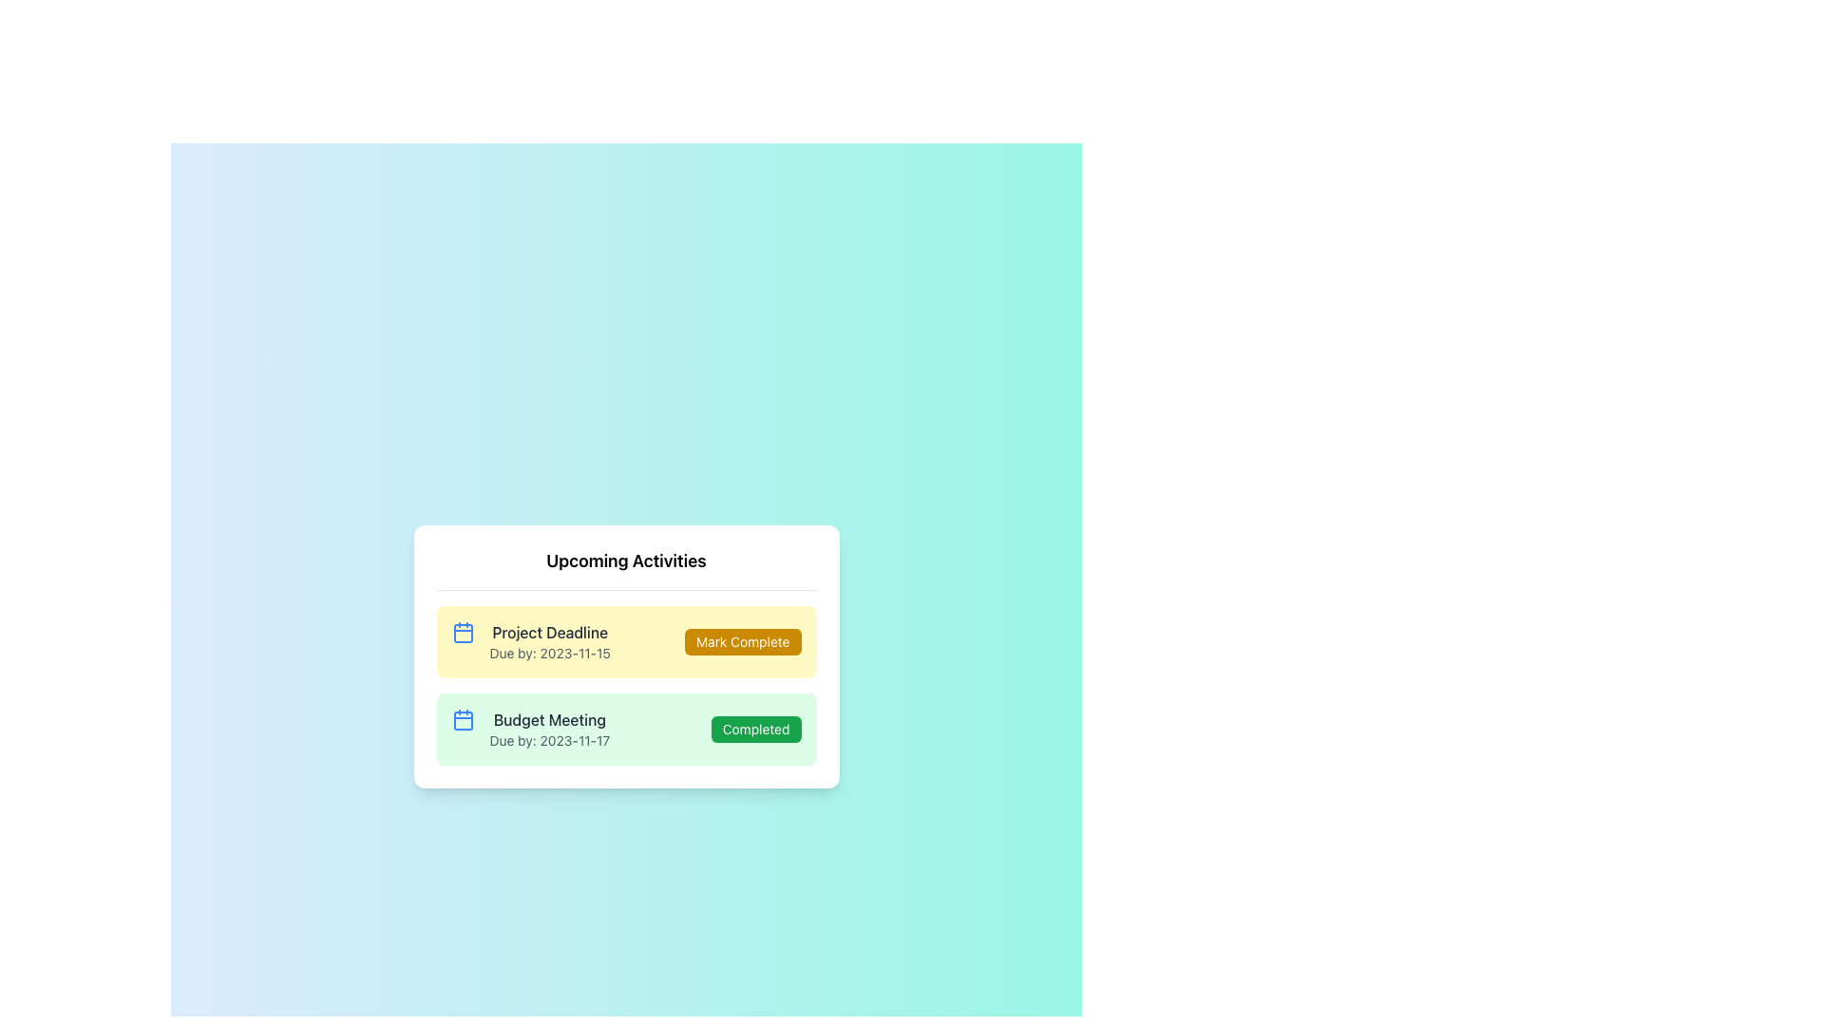 This screenshot has height=1026, width=1824. I want to click on primary calendar date cell represented by the SVG graphical component located at the bottom-right corner of the calendar icon, so click(463, 720).